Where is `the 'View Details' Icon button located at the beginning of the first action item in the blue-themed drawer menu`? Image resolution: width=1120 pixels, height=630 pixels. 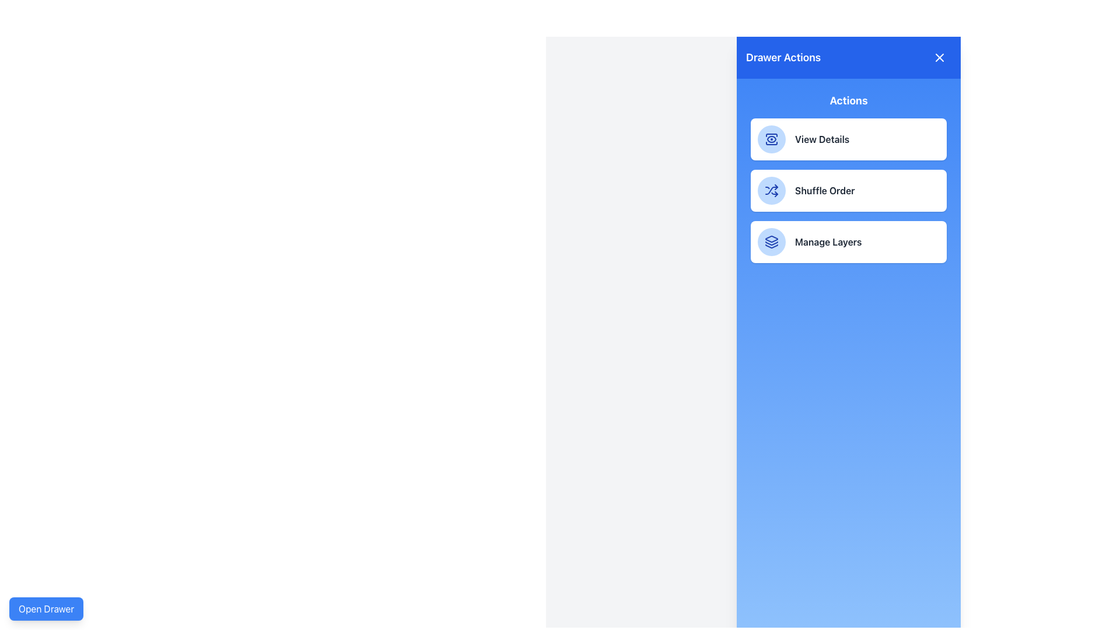 the 'View Details' Icon button located at the beginning of the first action item in the blue-themed drawer menu is located at coordinates (772, 139).